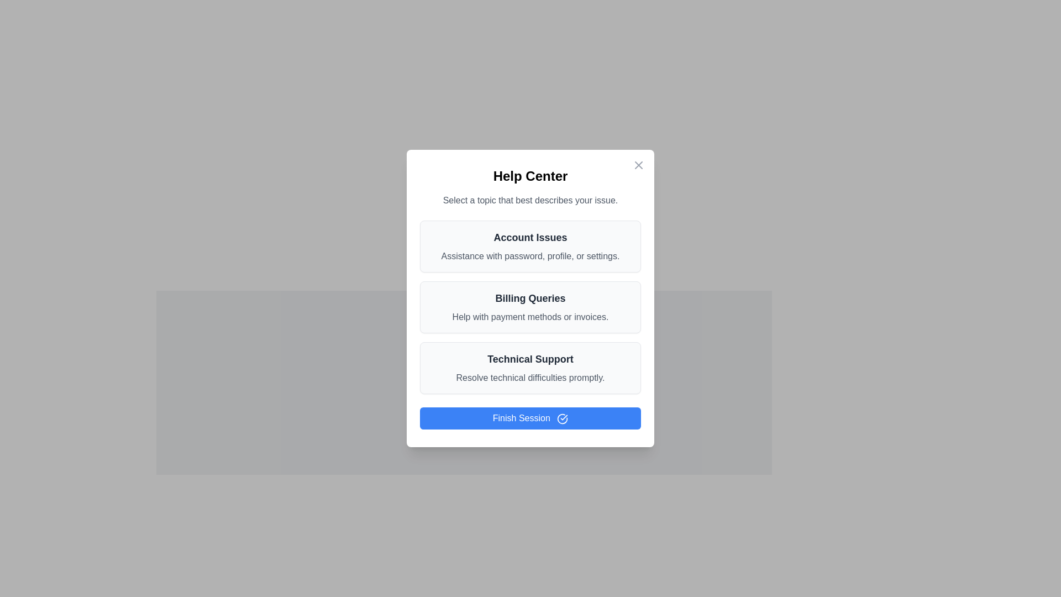 The height and width of the screenshot is (597, 1061). I want to click on the static text label that prompts users to choose a topic, located below the 'Help Center' heading and above the list of selectable topics, so click(530, 200).